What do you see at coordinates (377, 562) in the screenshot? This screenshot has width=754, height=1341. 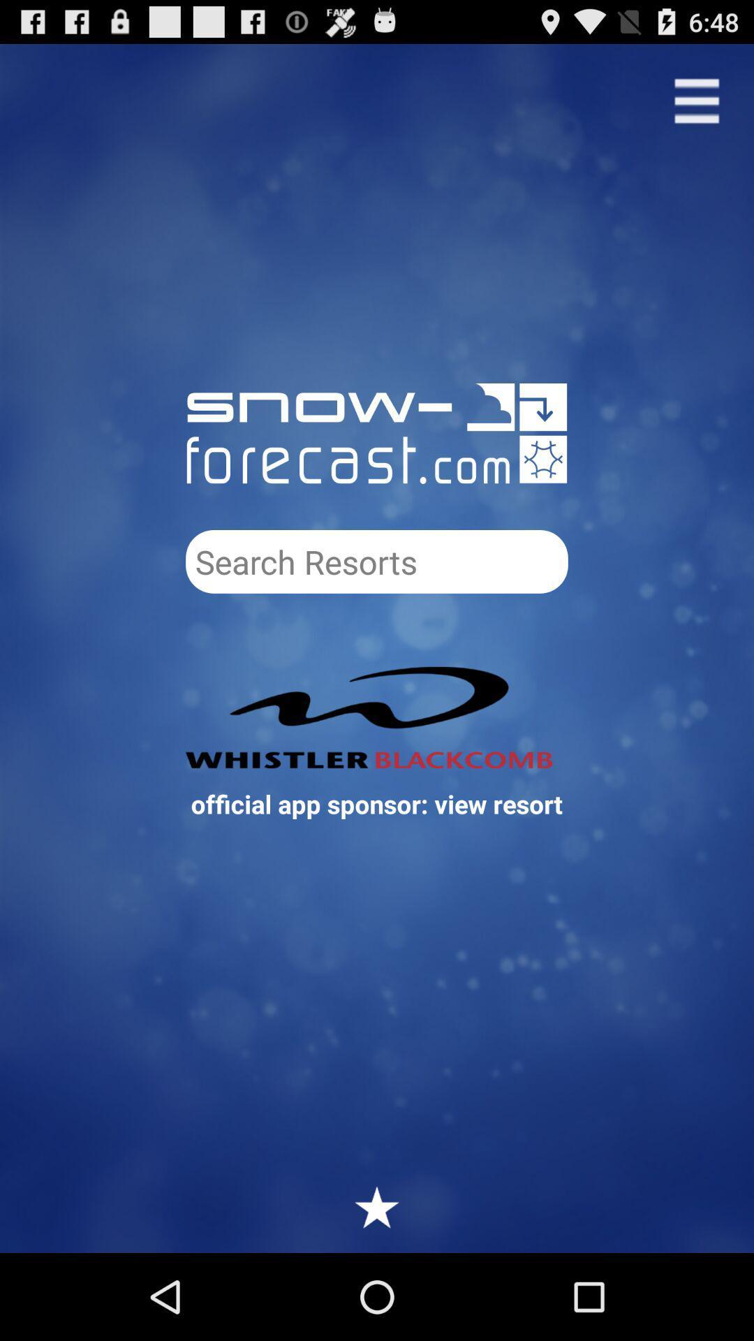 I see `search bar` at bounding box center [377, 562].